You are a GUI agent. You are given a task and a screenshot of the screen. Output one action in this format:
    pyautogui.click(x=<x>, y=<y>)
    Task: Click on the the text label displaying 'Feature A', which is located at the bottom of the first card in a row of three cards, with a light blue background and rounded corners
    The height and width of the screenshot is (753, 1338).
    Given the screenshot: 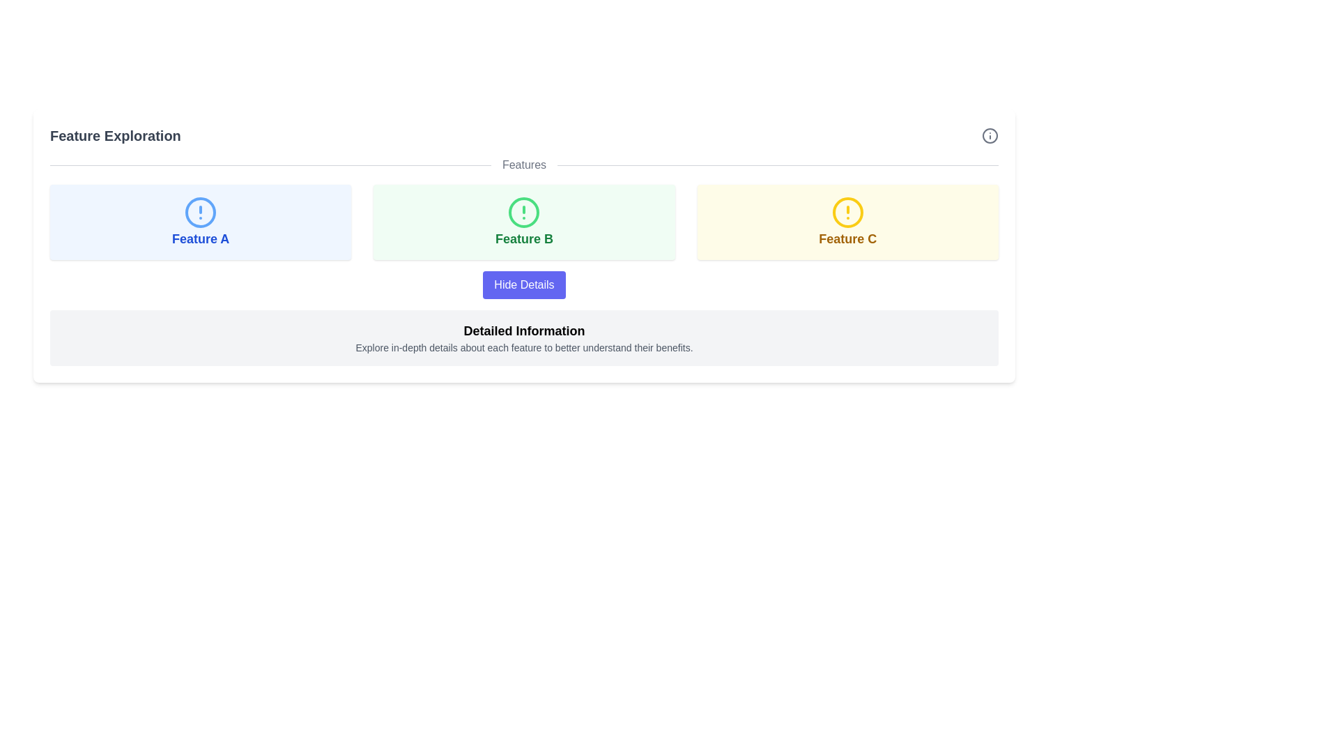 What is the action you would take?
    pyautogui.click(x=200, y=238)
    